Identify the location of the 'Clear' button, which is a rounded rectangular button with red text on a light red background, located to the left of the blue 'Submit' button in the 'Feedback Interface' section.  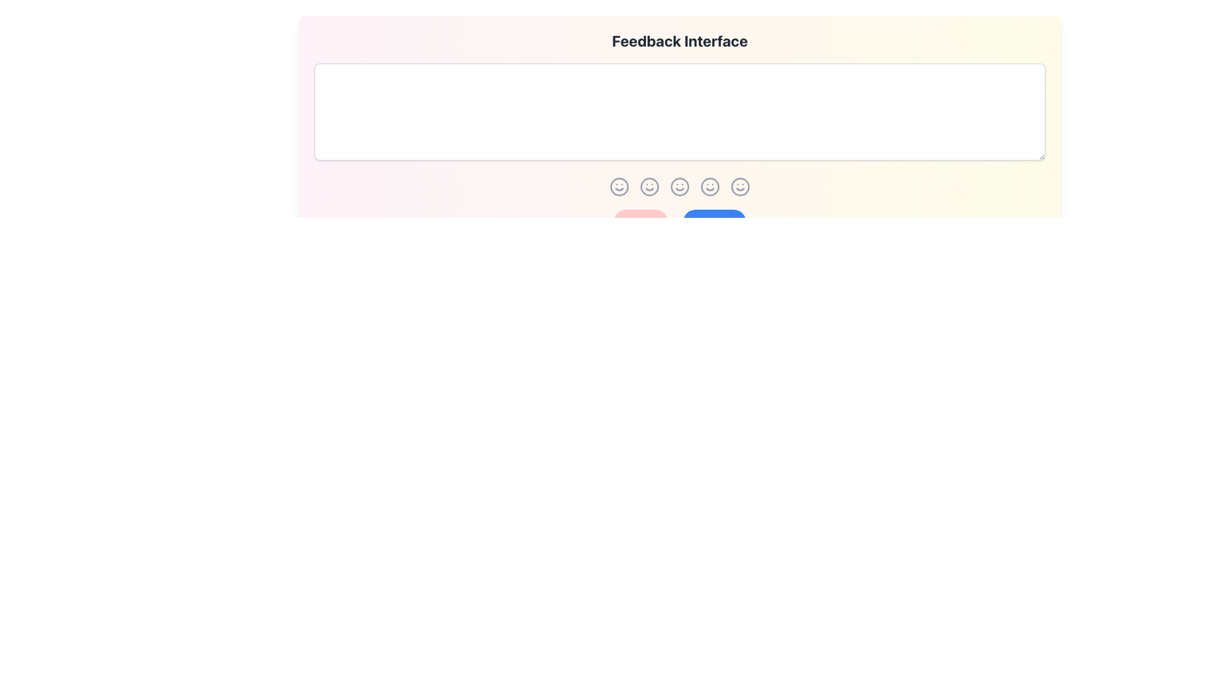
(641, 222).